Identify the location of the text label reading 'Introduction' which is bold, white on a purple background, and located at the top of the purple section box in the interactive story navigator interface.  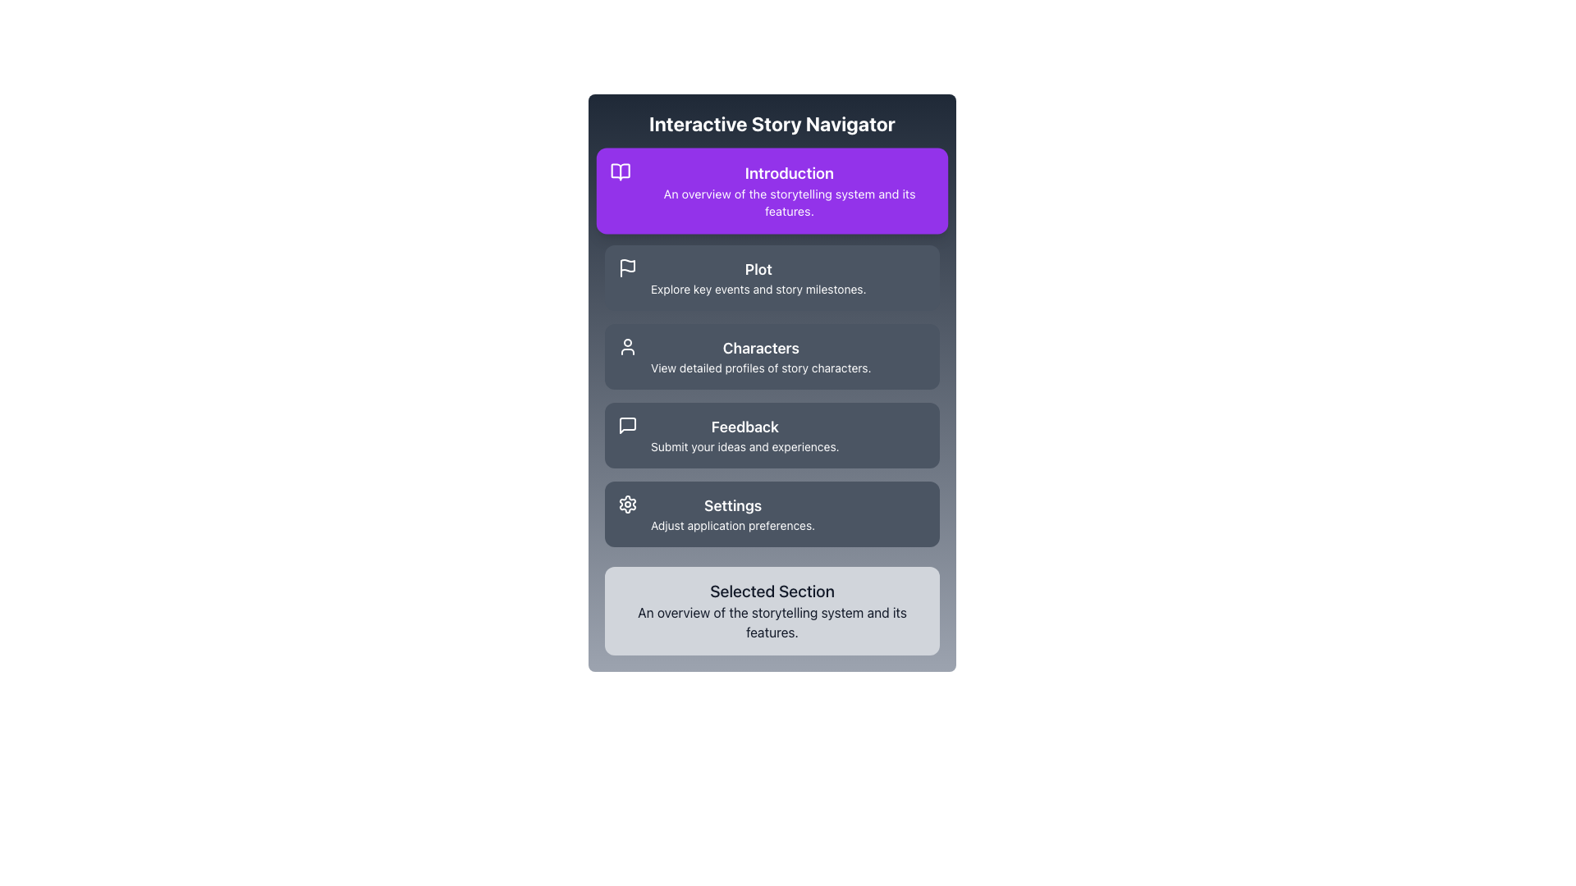
(789, 174).